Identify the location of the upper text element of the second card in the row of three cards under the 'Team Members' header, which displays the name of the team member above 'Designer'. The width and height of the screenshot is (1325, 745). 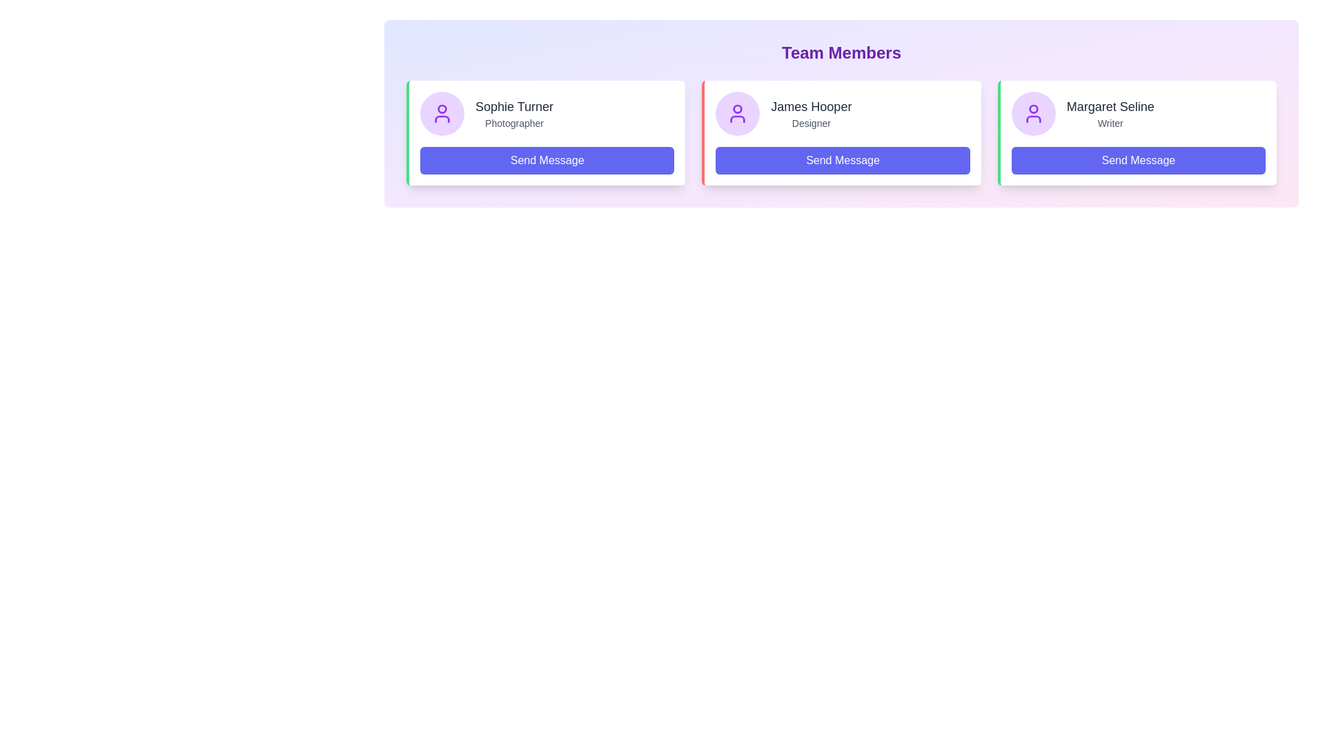
(811, 106).